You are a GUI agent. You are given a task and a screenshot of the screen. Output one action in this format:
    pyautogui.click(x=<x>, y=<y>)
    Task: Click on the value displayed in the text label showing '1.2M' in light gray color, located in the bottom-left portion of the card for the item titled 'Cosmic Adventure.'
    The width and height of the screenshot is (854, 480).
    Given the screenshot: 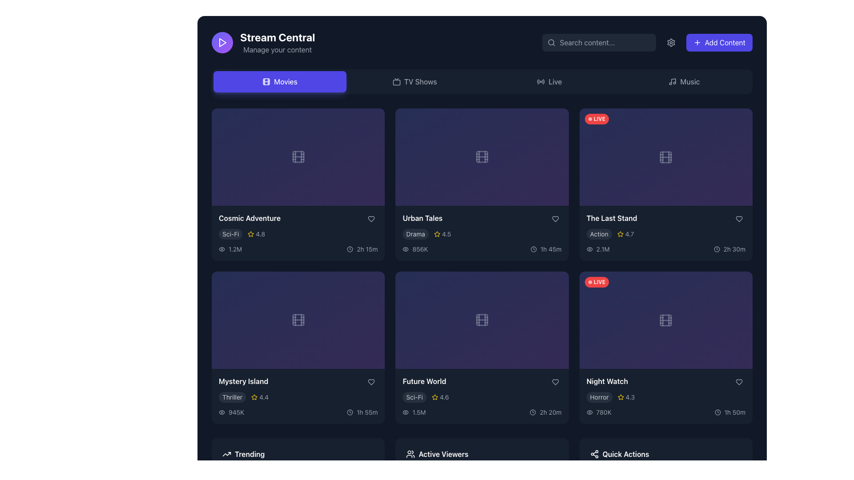 What is the action you would take?
    pyautogui.click(x=230, y=249)
    